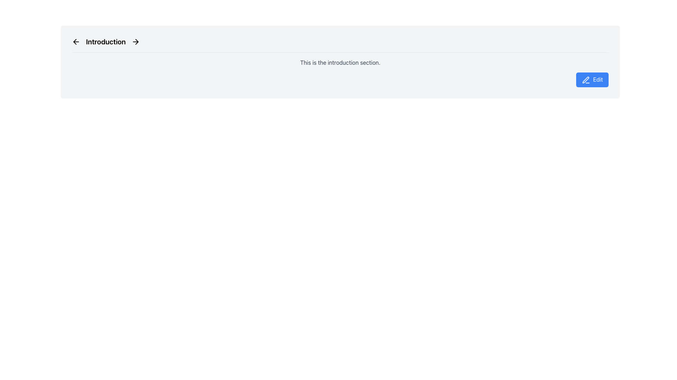 This screenshot has height=380, width=677. What do you see at coordinates (105, 42) in the screenshot?
I see `bold, center-aligned text displaying 'Introduction' located at the center of the horizontal bar near the top of the interface` at bounding box center [105, 42].